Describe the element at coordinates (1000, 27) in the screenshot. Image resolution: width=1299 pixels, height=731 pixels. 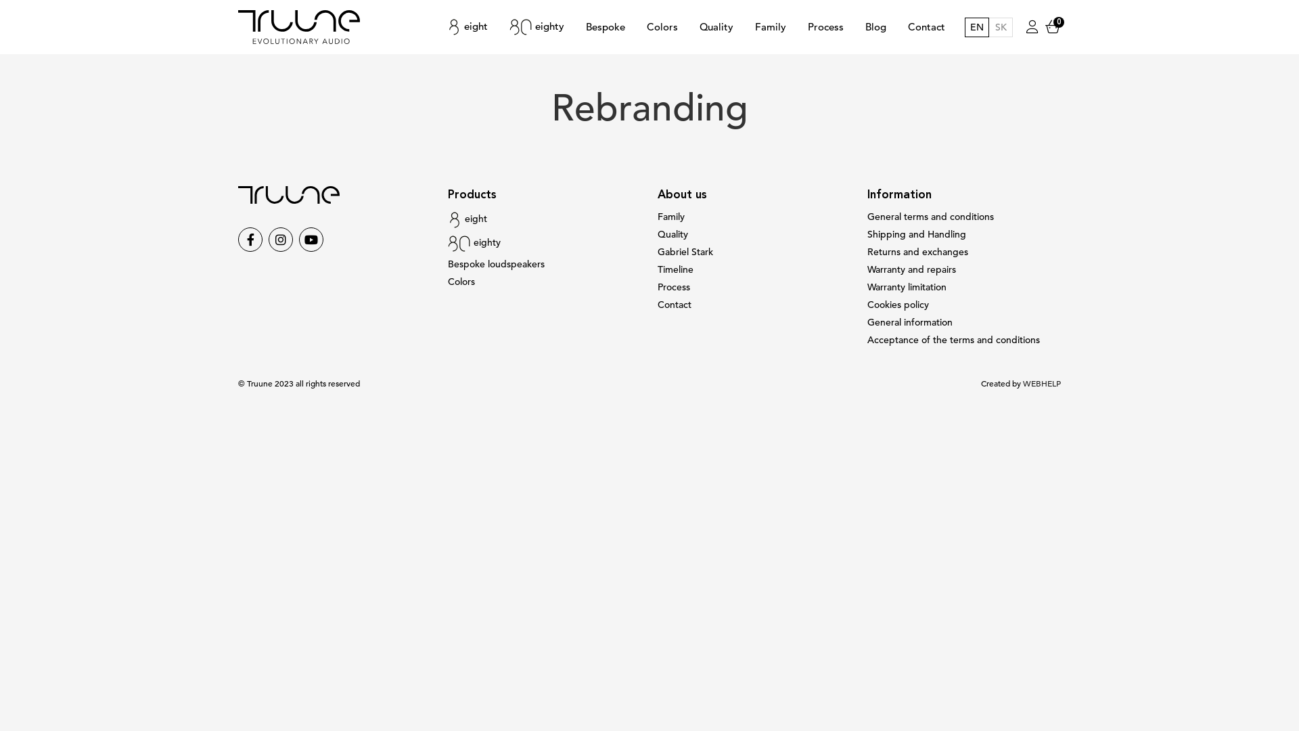
I see `'SK'` at that location.